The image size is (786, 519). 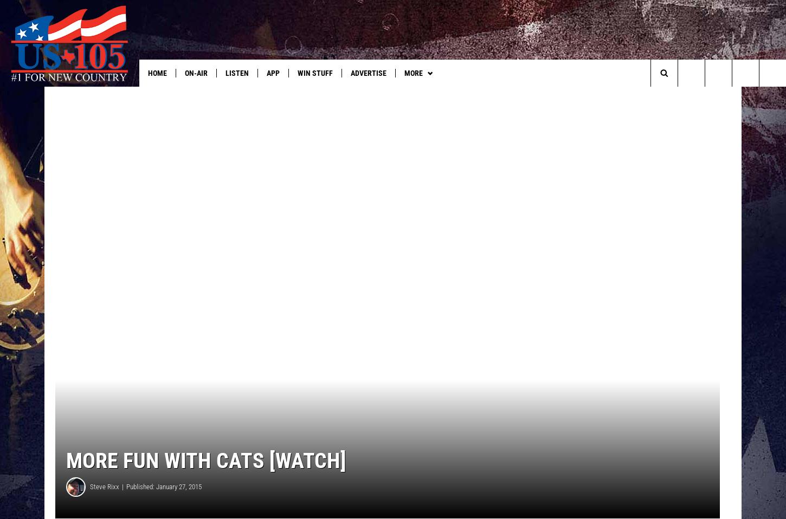 I want to click on 'More', so click(x=413, y=73).